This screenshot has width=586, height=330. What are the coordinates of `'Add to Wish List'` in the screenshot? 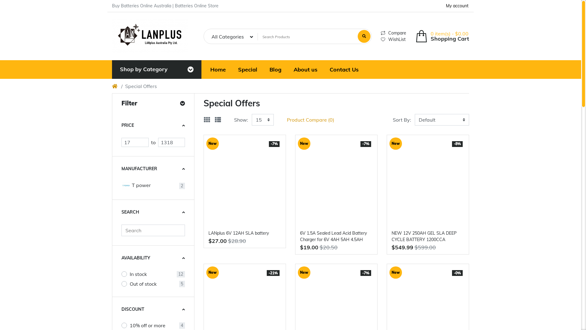 It's located at (421, 258).